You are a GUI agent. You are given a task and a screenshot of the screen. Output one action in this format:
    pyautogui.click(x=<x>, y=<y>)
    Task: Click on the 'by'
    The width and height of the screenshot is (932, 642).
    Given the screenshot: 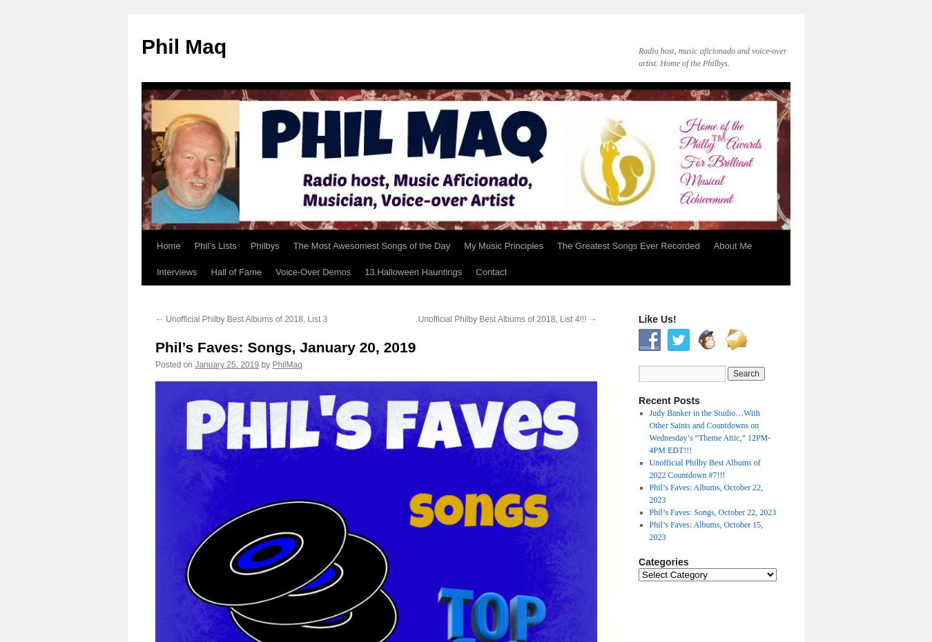 What is the action you would take?
    pyautogui.click(x=265, y=364)
    